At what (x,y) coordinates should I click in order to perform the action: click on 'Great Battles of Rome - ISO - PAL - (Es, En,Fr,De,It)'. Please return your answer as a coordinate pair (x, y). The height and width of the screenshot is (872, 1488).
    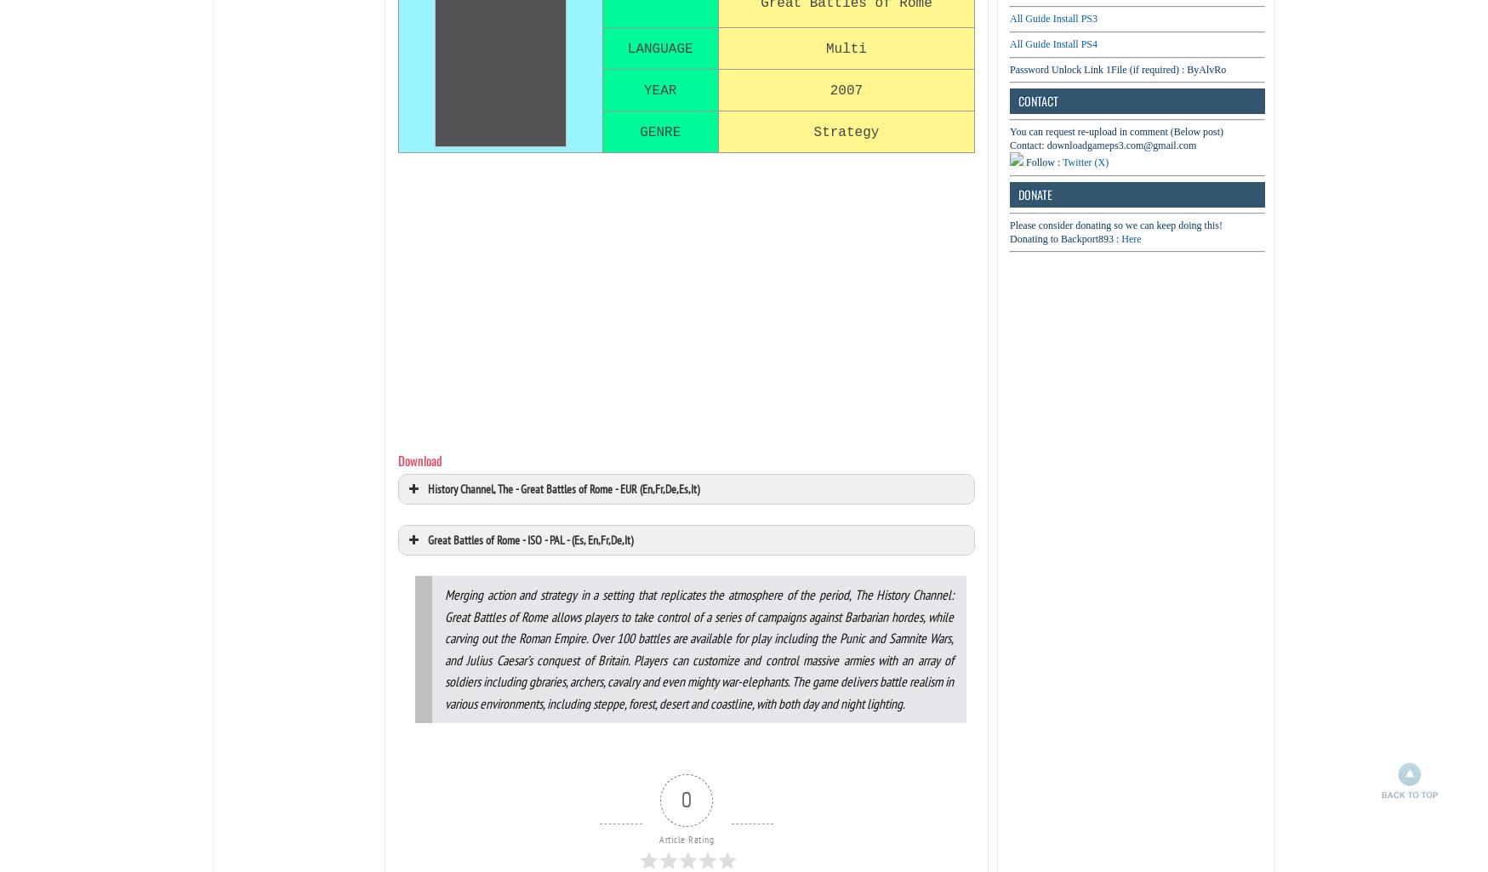
    Looking at the image, I should click on (428, 538).